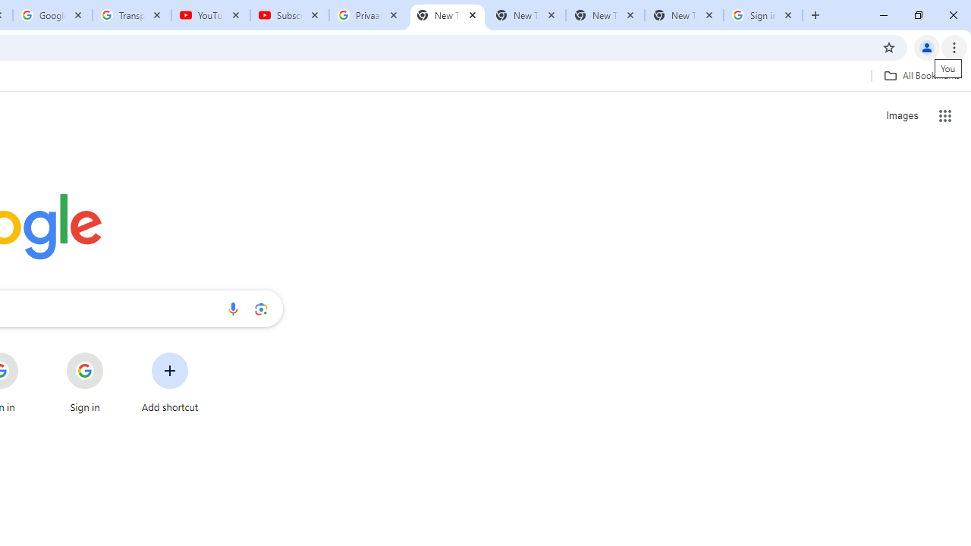 This screenshot has width=971, height=546. Describe the element at coordinates (290, 15) in the screenshot. I see `'Subscriptions - YouTube'` at that location.